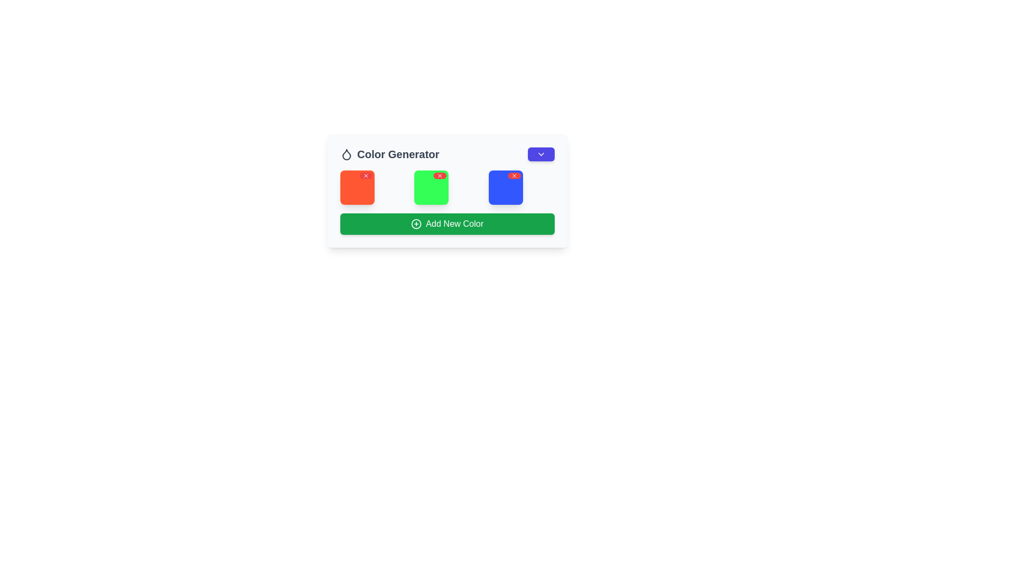 The width and height of the screenshot is (1029, 579). What do you see at coordinates (357, 187) in the screenshot?
I see `the first color square in the grid` at bounding box center [357, 187].